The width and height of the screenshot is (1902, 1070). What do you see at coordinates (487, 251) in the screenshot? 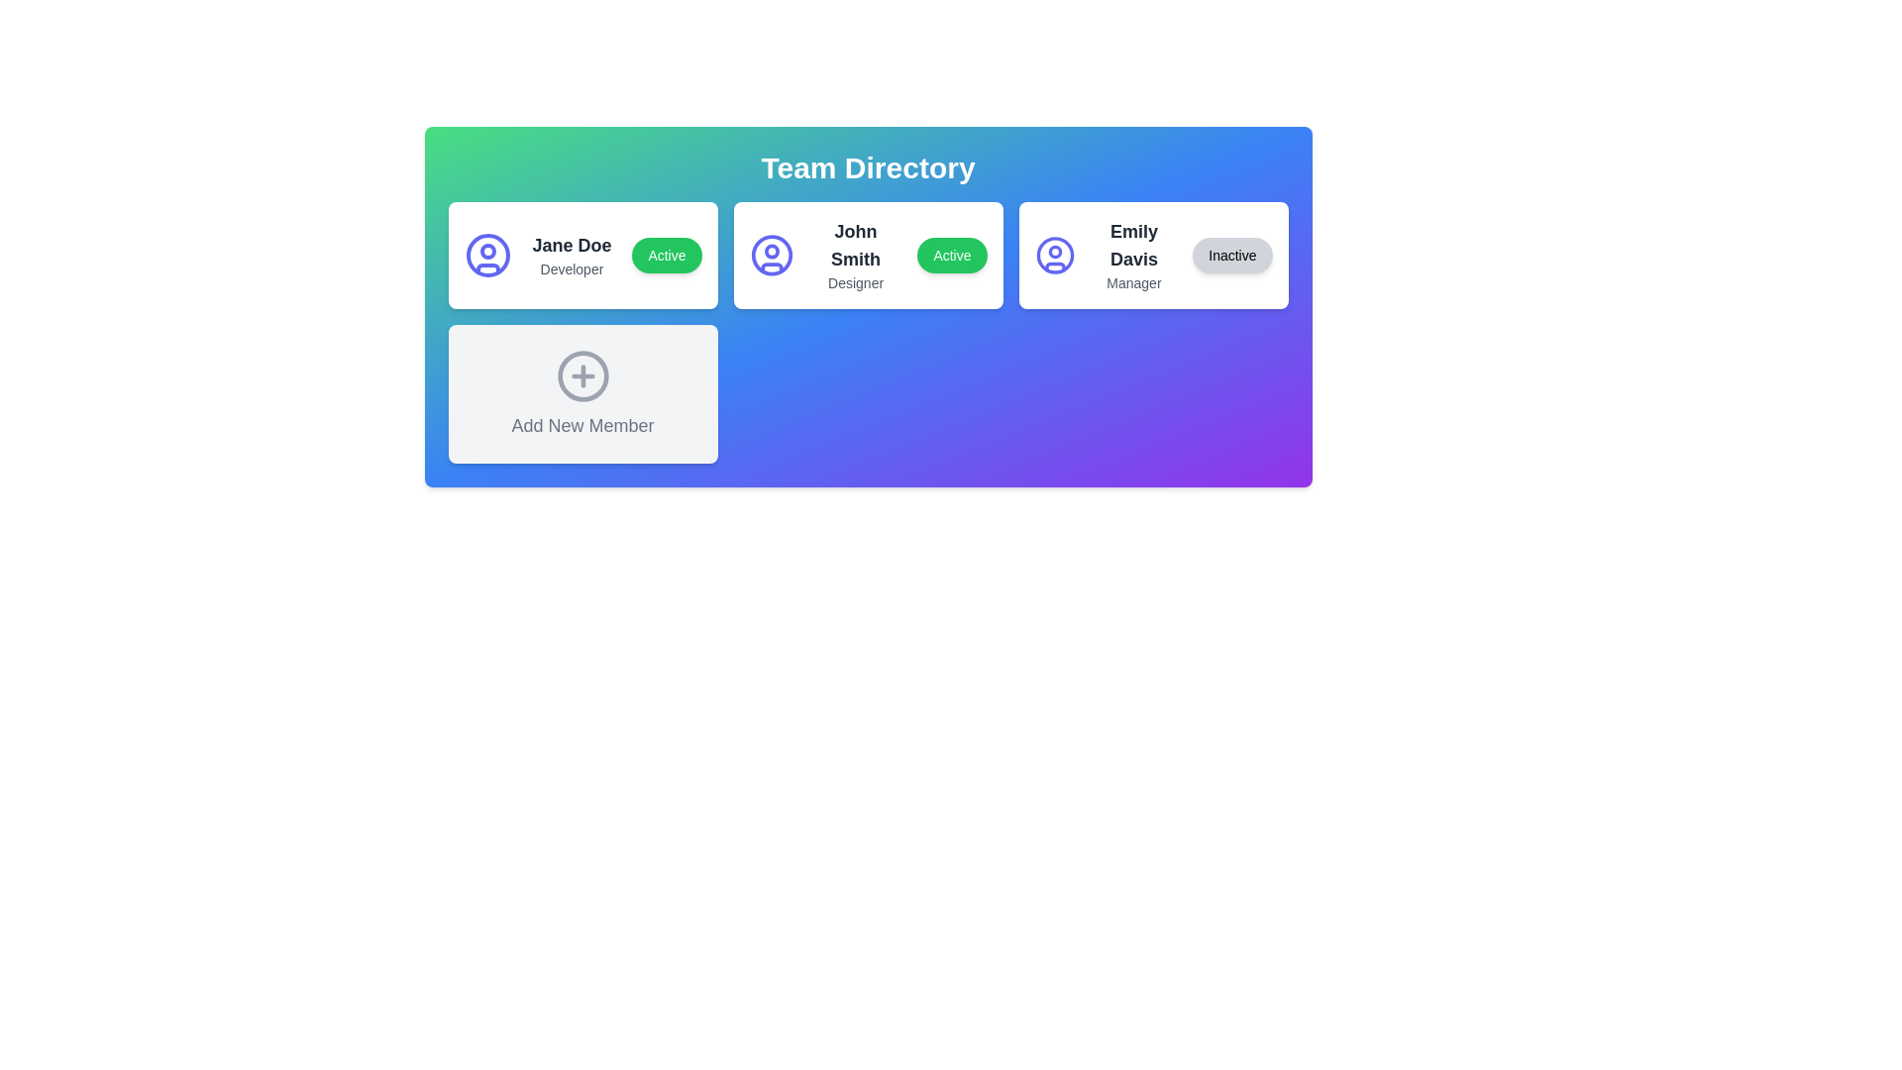
I see `the inner smaller circle of the user profile icon for 'Jane Doe' located at the top-left section of the interface` at bounding box center [487, 251].